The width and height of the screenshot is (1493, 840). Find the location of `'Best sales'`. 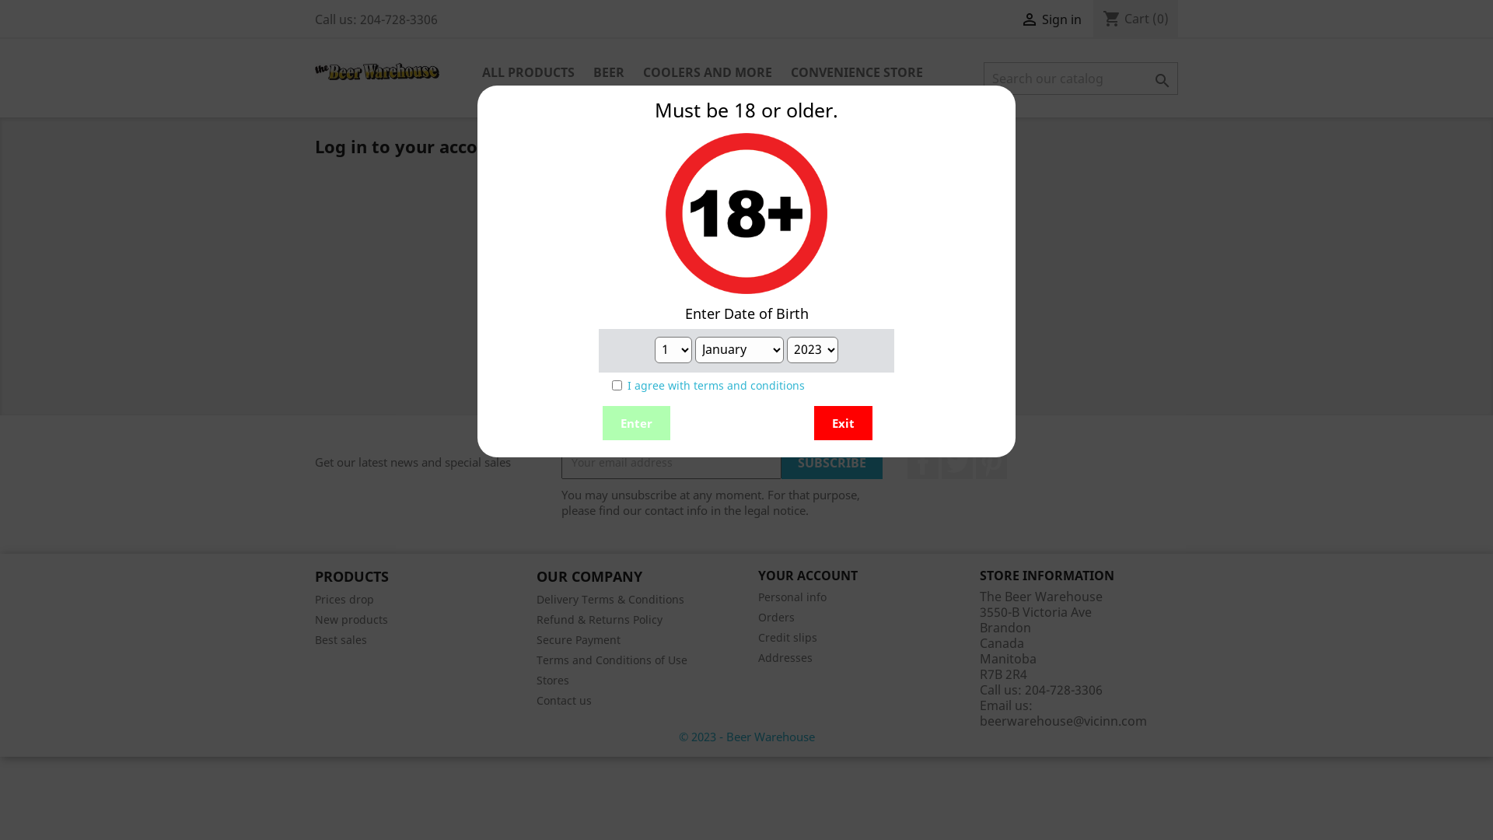

'Best sales' is located at coordinates (340, 639).